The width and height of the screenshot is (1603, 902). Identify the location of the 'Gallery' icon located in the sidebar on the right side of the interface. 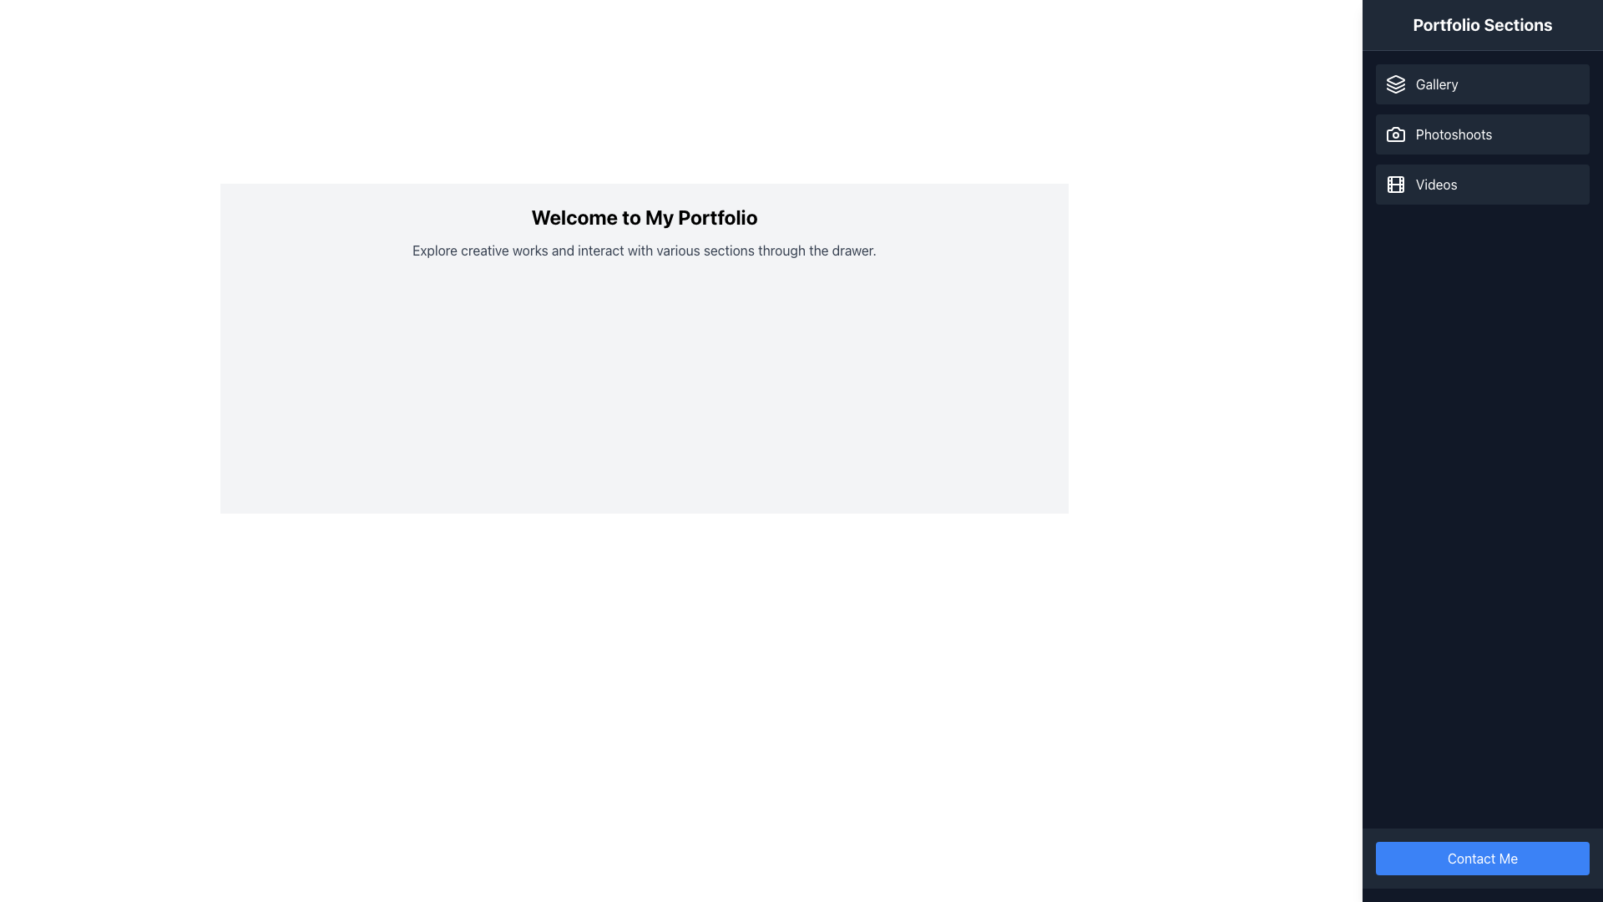
(1395, 84).